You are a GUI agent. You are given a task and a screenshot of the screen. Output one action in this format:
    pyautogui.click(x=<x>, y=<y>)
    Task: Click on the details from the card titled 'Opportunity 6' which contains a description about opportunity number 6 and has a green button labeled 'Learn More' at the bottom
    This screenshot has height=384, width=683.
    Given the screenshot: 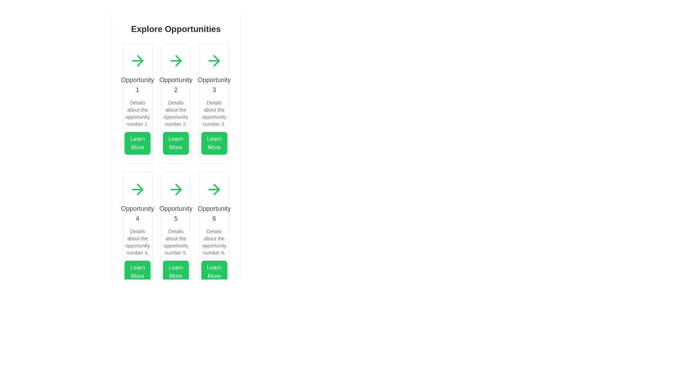 What is the action you would take?
    pyautogui.click(x=213, y=232)
    